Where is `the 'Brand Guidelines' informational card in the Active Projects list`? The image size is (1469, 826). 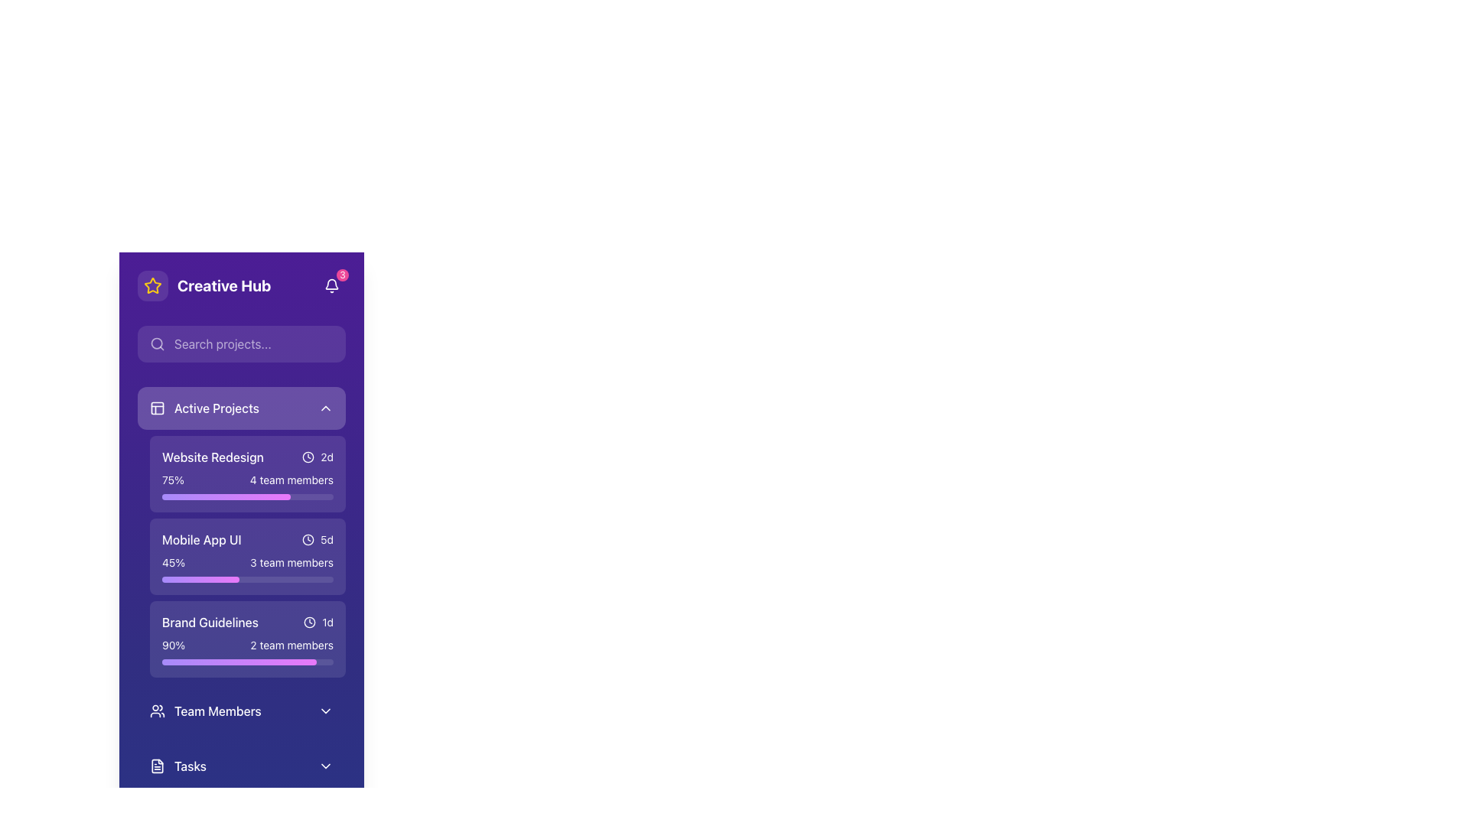 the 'Brand Guidelines' informational card in the Active Projects list is located at coordinates (248, 639).